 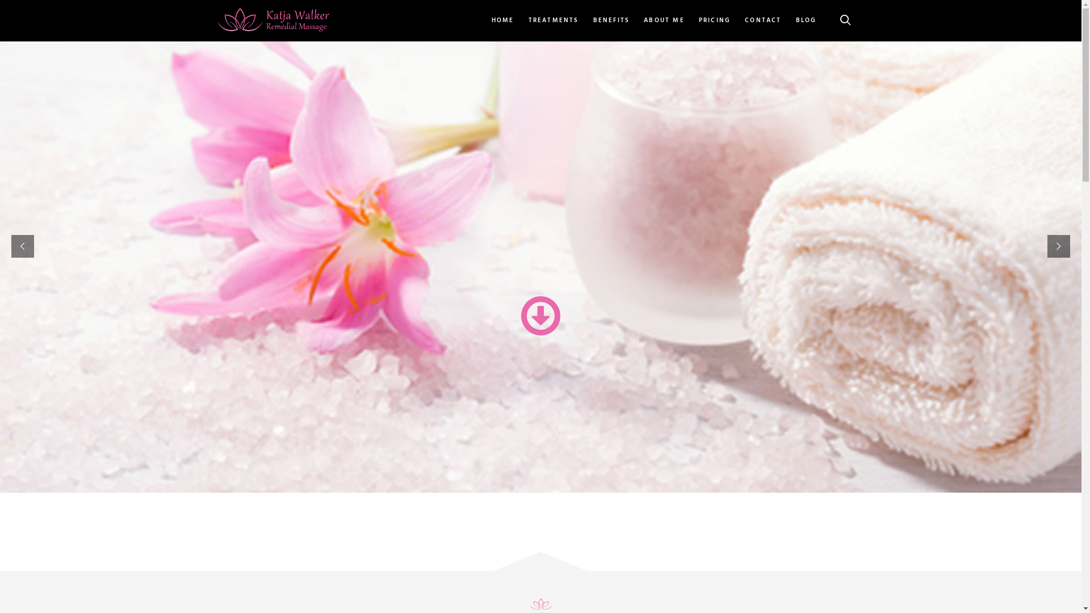 I want to click on 'BENEFITS', so click(x=611, y=20).